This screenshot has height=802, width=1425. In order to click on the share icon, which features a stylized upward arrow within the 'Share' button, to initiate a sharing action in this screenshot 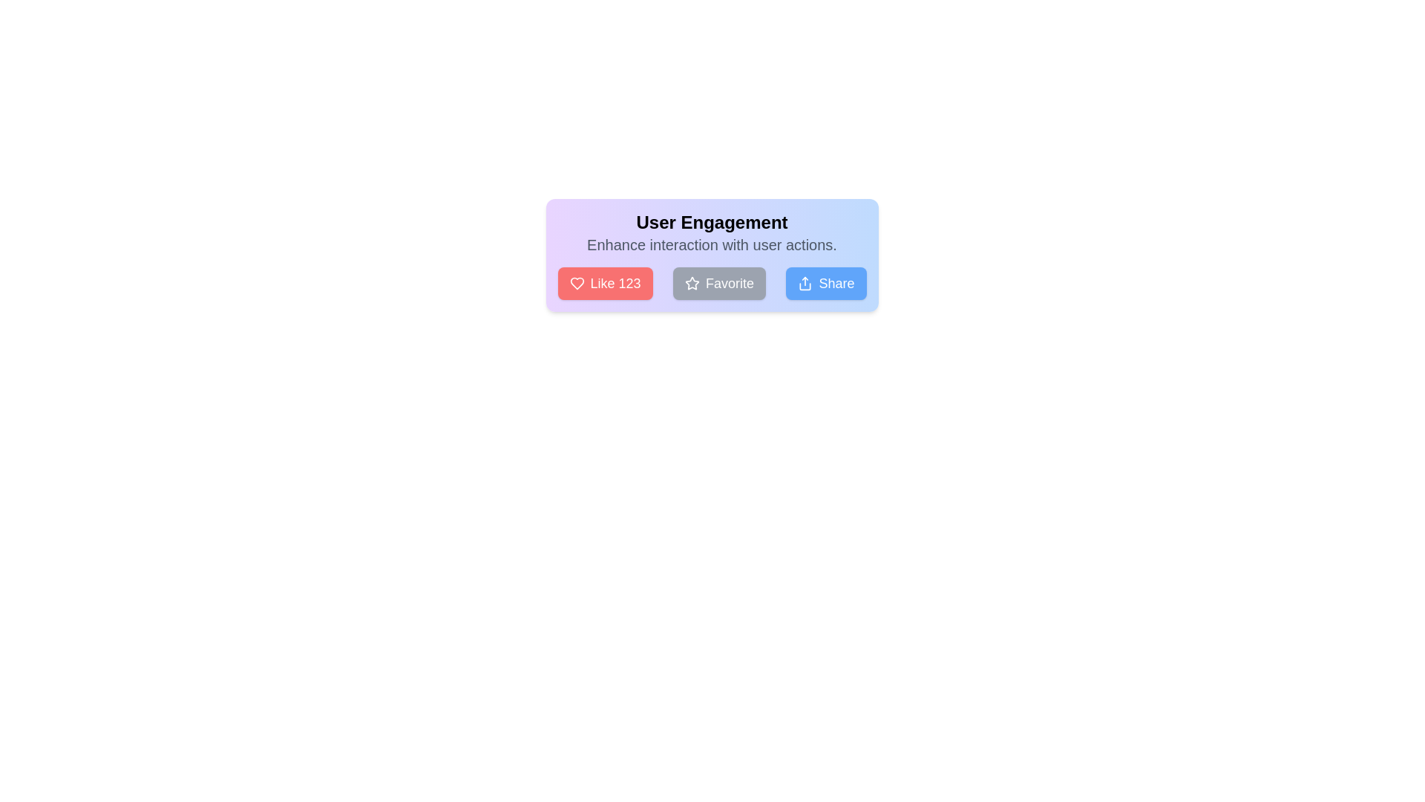, I will do `click(805, 283)`.